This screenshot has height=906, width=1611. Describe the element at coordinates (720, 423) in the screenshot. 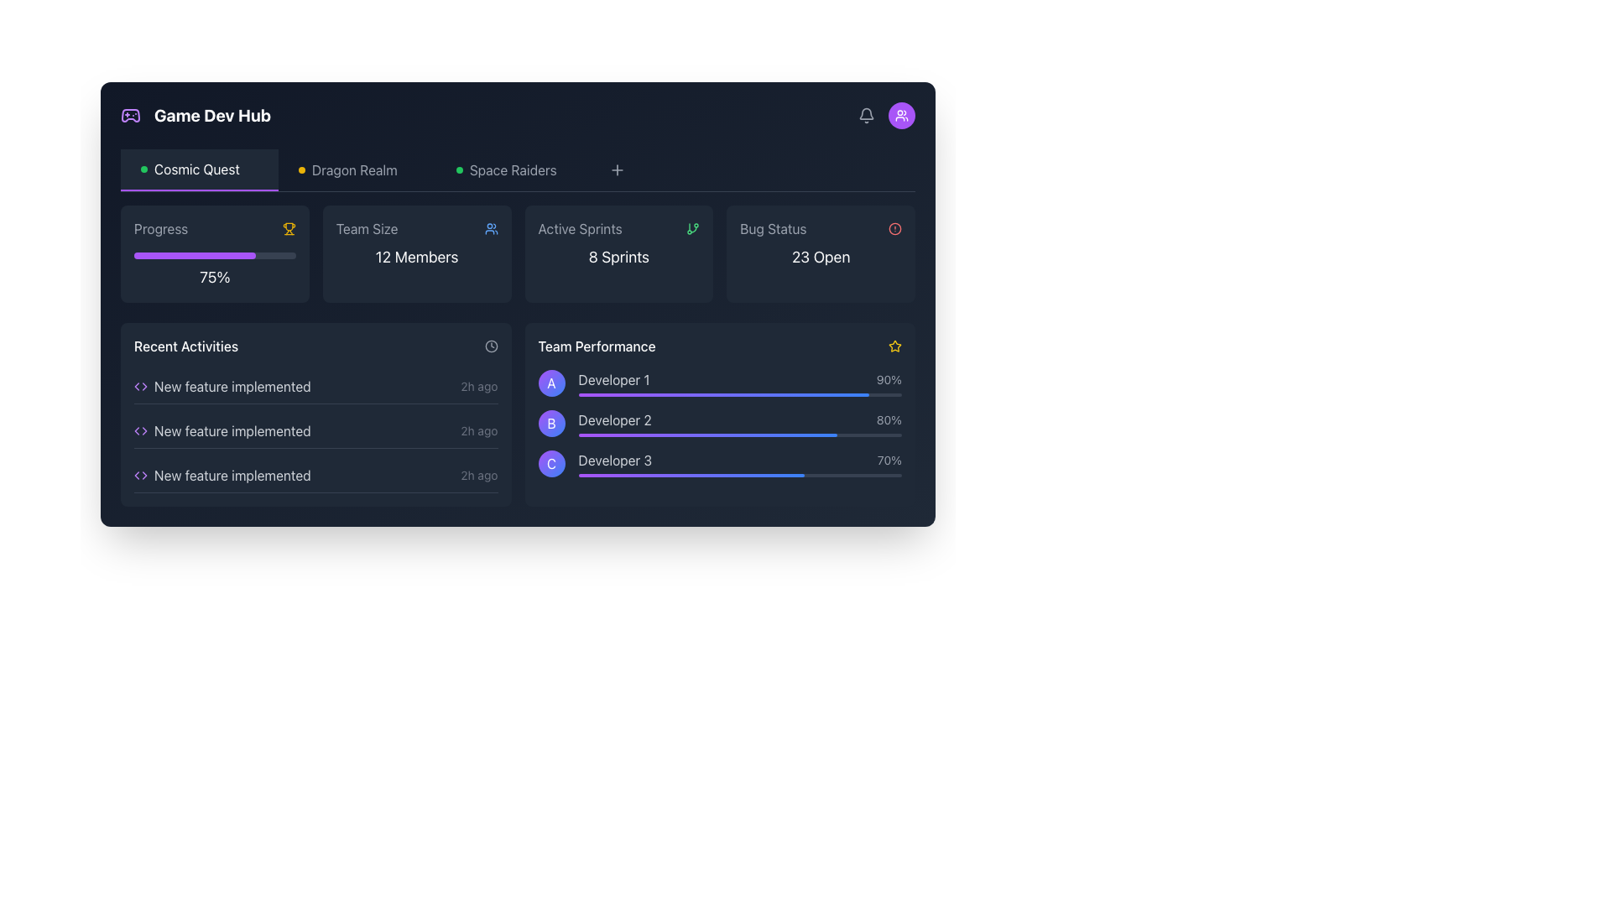

I see `the performance indicator for Developer 2 in the Team Performance section` at that location.